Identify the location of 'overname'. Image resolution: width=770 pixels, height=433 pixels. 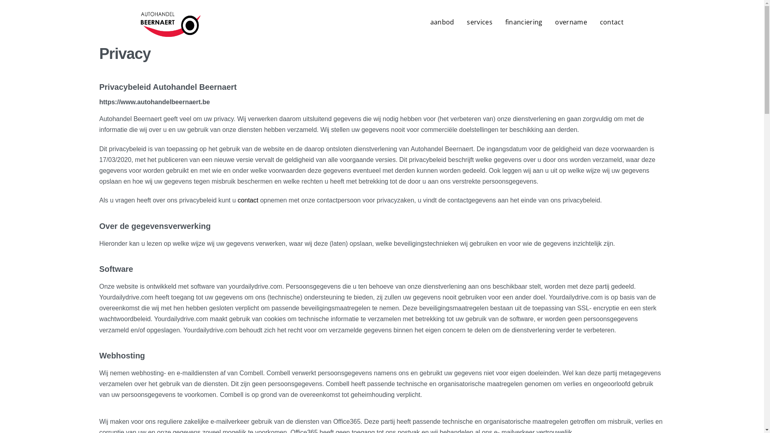
(570, 22).